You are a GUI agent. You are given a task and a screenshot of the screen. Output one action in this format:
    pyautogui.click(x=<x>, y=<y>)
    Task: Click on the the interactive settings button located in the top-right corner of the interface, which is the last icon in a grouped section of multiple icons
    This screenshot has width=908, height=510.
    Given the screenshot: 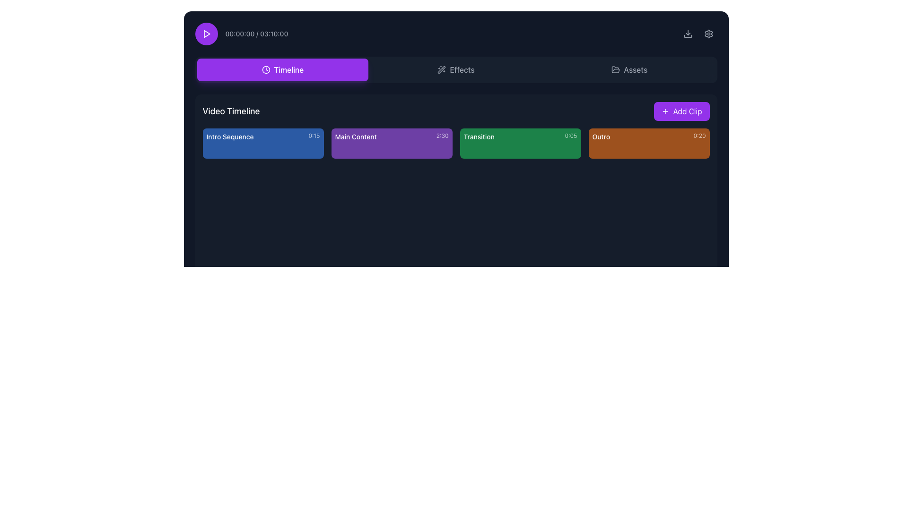 What is the action you would take?
    pyautogui.click(x=708, y=34)
    